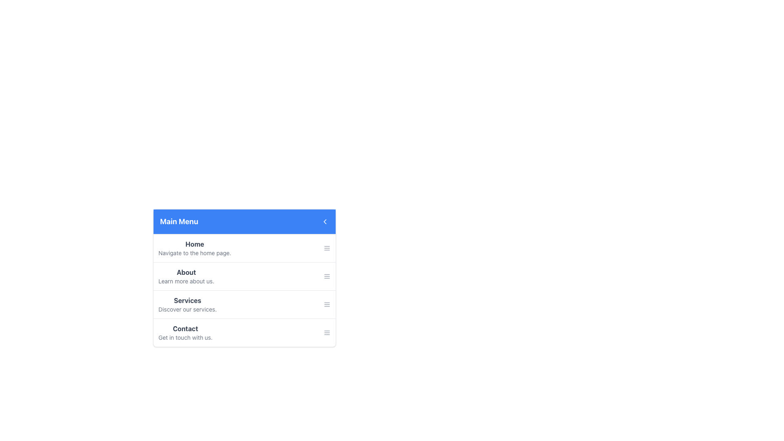 Image resolution: width=784 pixels, height=441 pixels. What do you see at coordinates (185, 337) in the screenshot?
I see `the static text element that provides additional descriptive content for the 'Contact' option in the menu, located directly beneath the 'Contact' text` at bounding box center [185, 337].